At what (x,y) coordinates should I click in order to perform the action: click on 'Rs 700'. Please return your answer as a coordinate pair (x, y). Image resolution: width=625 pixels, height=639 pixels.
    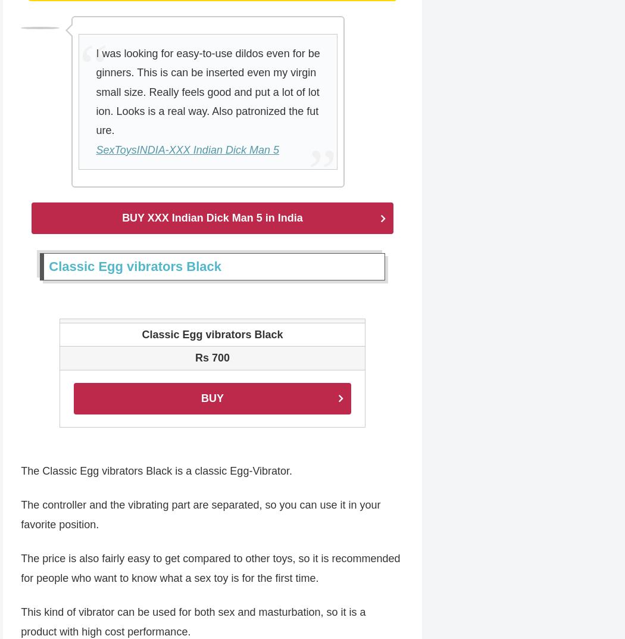
    Looking at the image, I should click on (194, 359).